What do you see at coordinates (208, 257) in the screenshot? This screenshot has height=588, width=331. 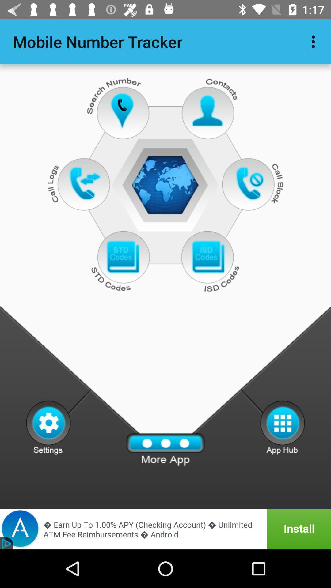 I see `isd codes button` at bounding box center [208, 257].